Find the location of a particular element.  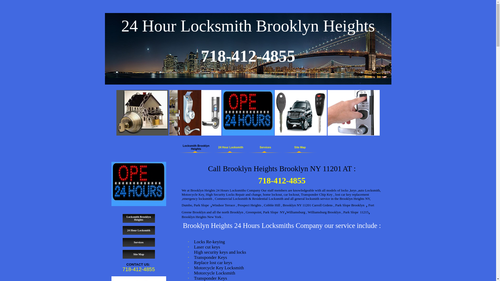

'24 Hour Locksmith' is located at coordinates (230, 147).